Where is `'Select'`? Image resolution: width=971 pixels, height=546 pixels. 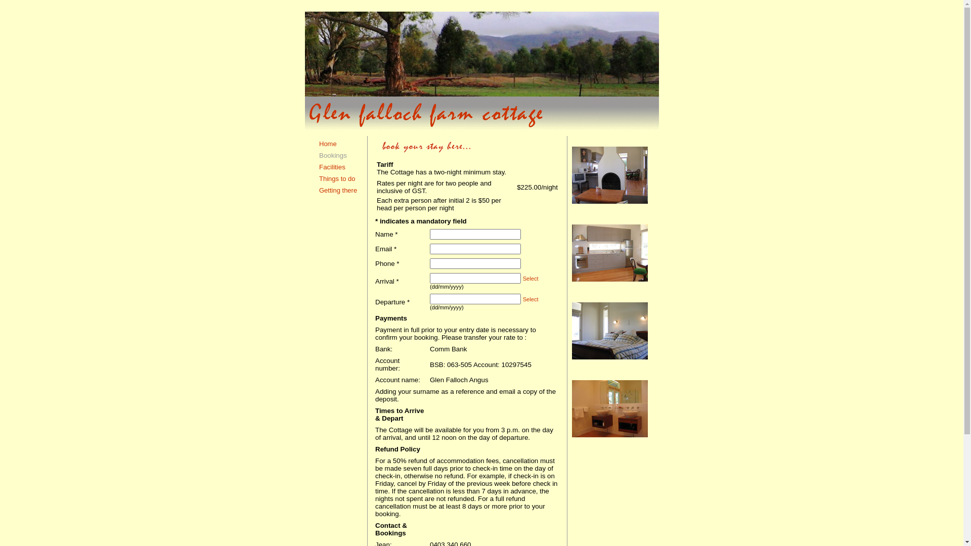
'Select' is located at coordinates (530, 298).